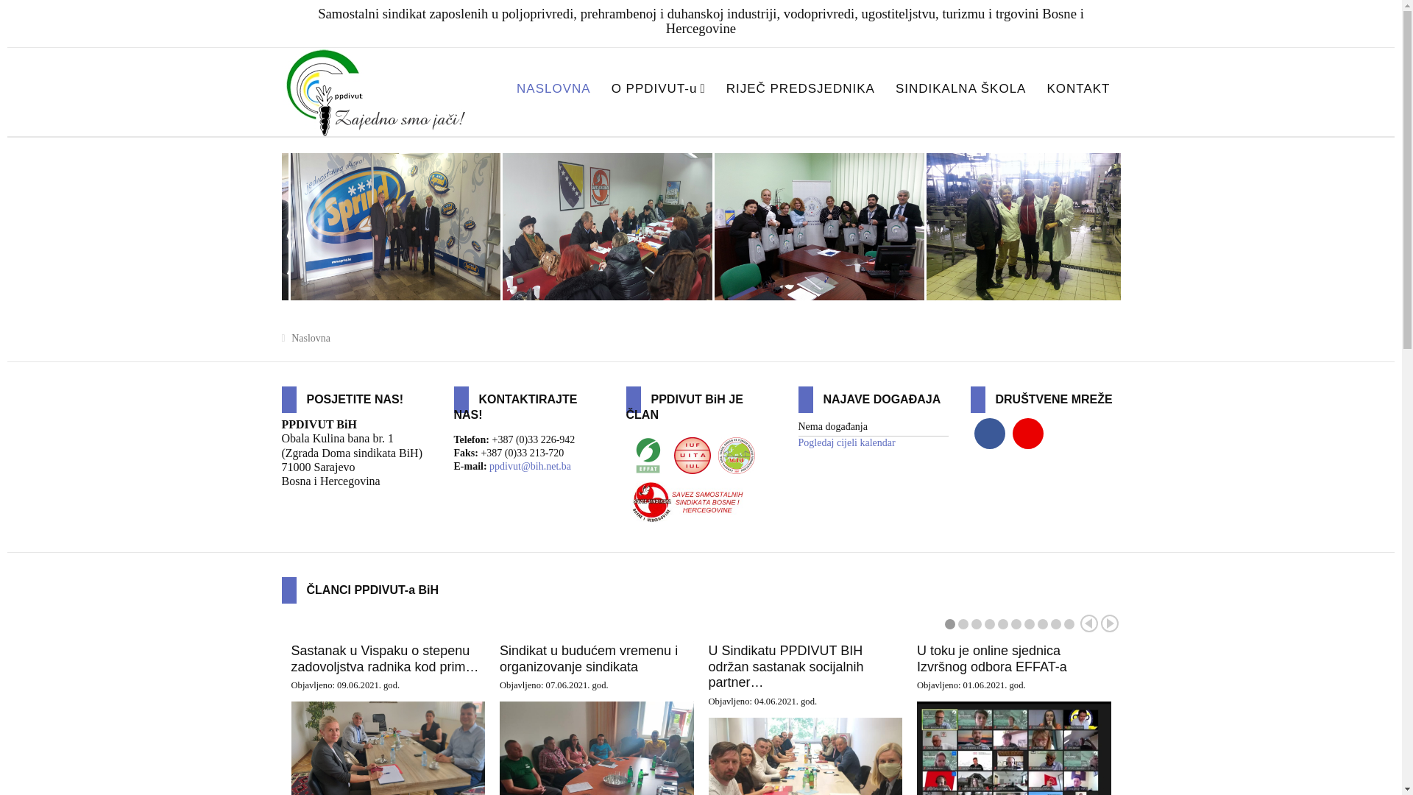 The image size is (1413, 795). What do you see at coordinates (657, 89) in the screenshot?
I see `'O PPDIVUT-u'` at bounding box center [657, 89].